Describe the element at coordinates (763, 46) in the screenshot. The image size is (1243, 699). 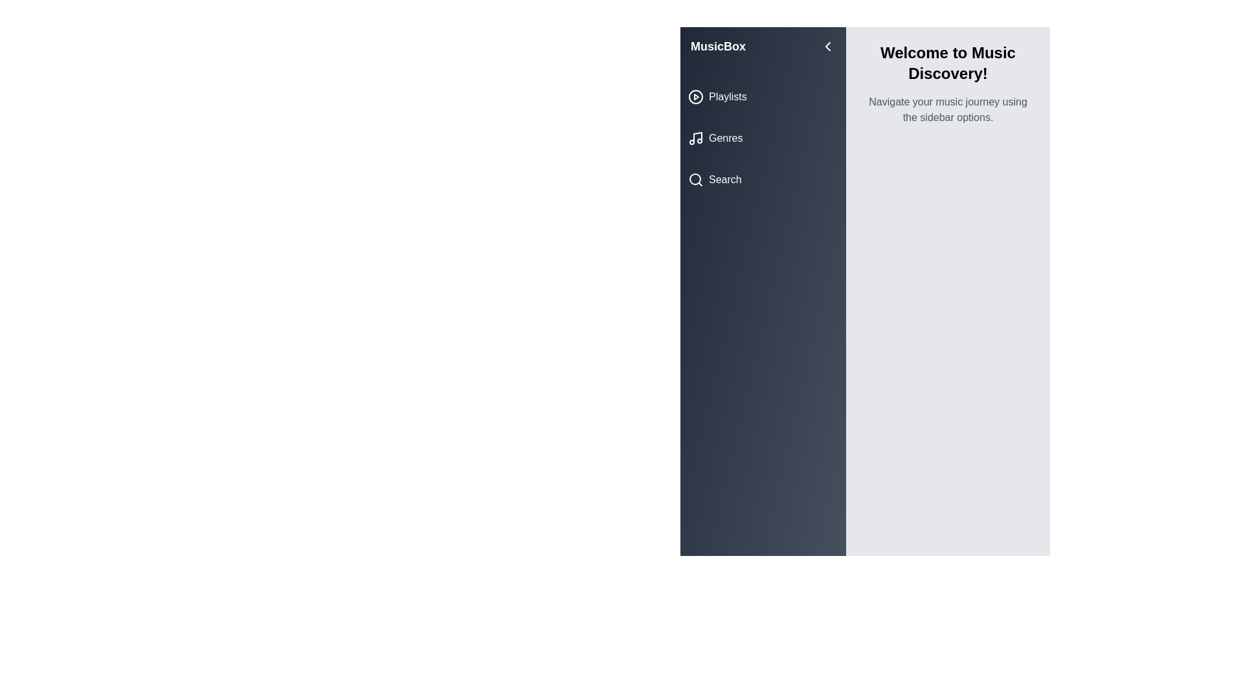
I see `the sidebar title 'MusicBox'` at that location.